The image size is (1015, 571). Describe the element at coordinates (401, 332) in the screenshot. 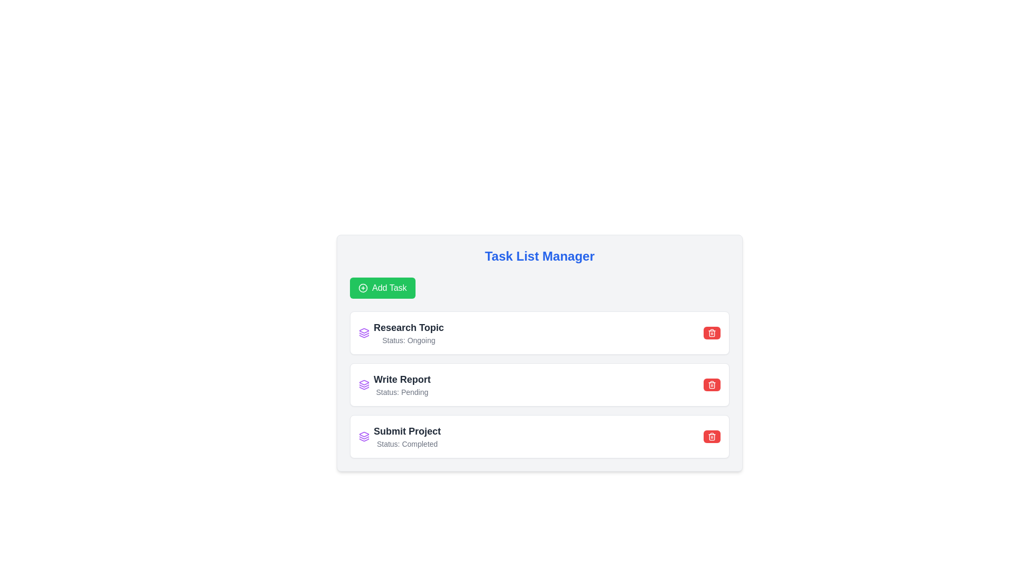

I see `text displayed in the 'Research Topic' section of the task manager interface, which includes the status 'Ongoing'` at that location.